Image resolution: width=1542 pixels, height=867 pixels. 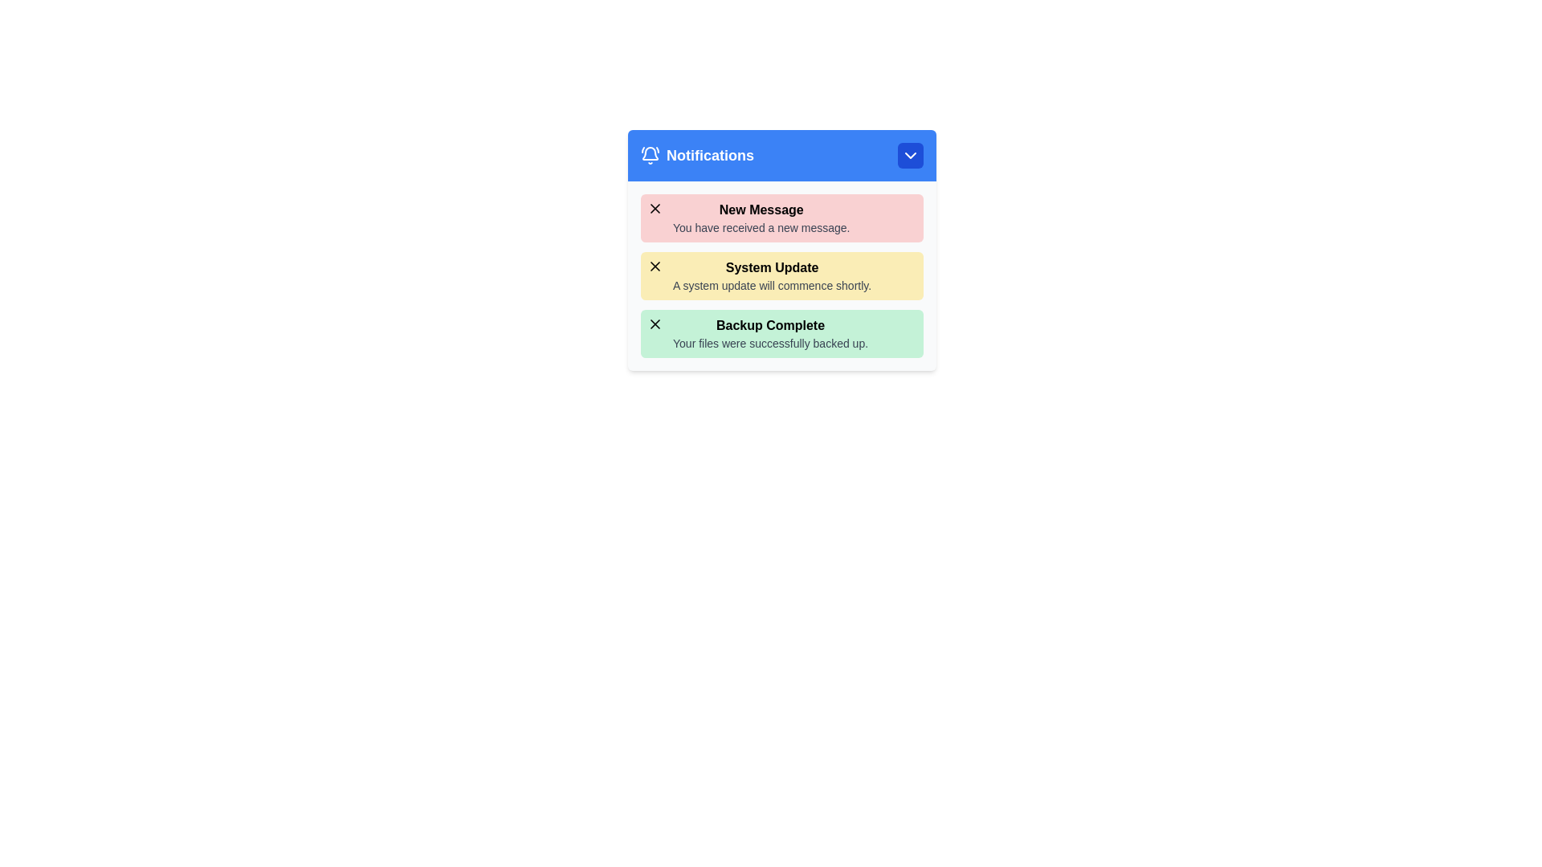 I want to click on the Text Block that informs users about the status of a system update, located in the second panel of the notification list, so click(x=772, y=275).